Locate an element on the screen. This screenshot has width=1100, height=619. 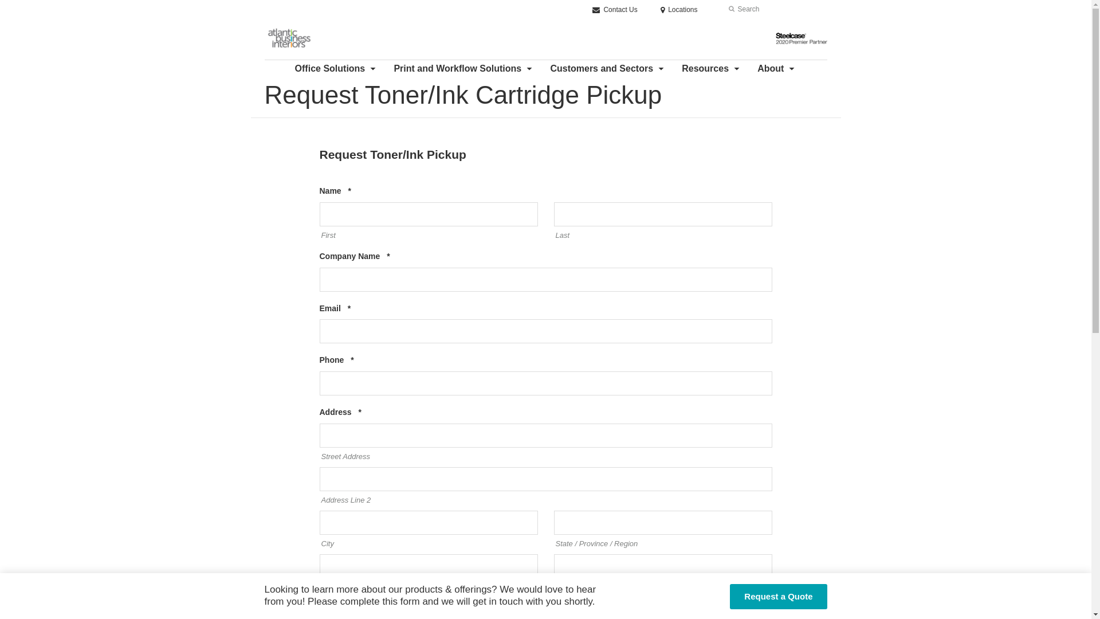
'Resources' is located at coordinates (711, 68).